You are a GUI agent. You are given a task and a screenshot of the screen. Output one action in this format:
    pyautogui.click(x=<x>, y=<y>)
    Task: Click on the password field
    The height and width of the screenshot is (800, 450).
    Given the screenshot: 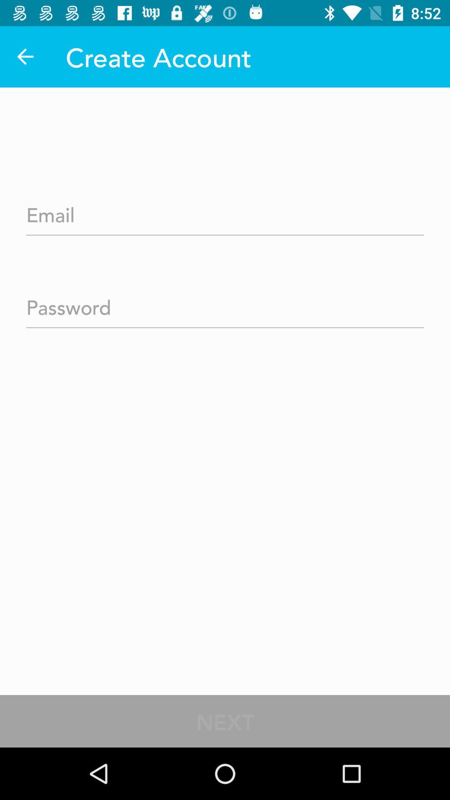 What is the action you would take?
    pyautogui.click(x=225, y=304)
    